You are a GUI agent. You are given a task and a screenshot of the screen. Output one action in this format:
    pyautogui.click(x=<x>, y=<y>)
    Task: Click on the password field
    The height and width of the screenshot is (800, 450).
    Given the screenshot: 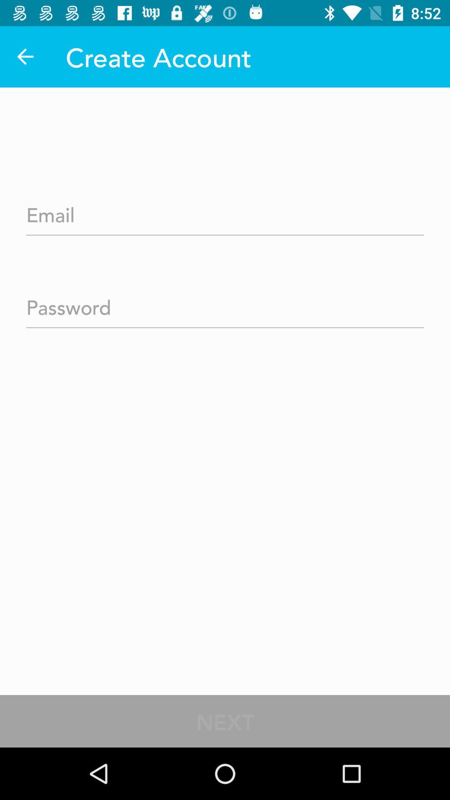 What is the action you would take?
    pyautogui.click(x=225, y=304)
    